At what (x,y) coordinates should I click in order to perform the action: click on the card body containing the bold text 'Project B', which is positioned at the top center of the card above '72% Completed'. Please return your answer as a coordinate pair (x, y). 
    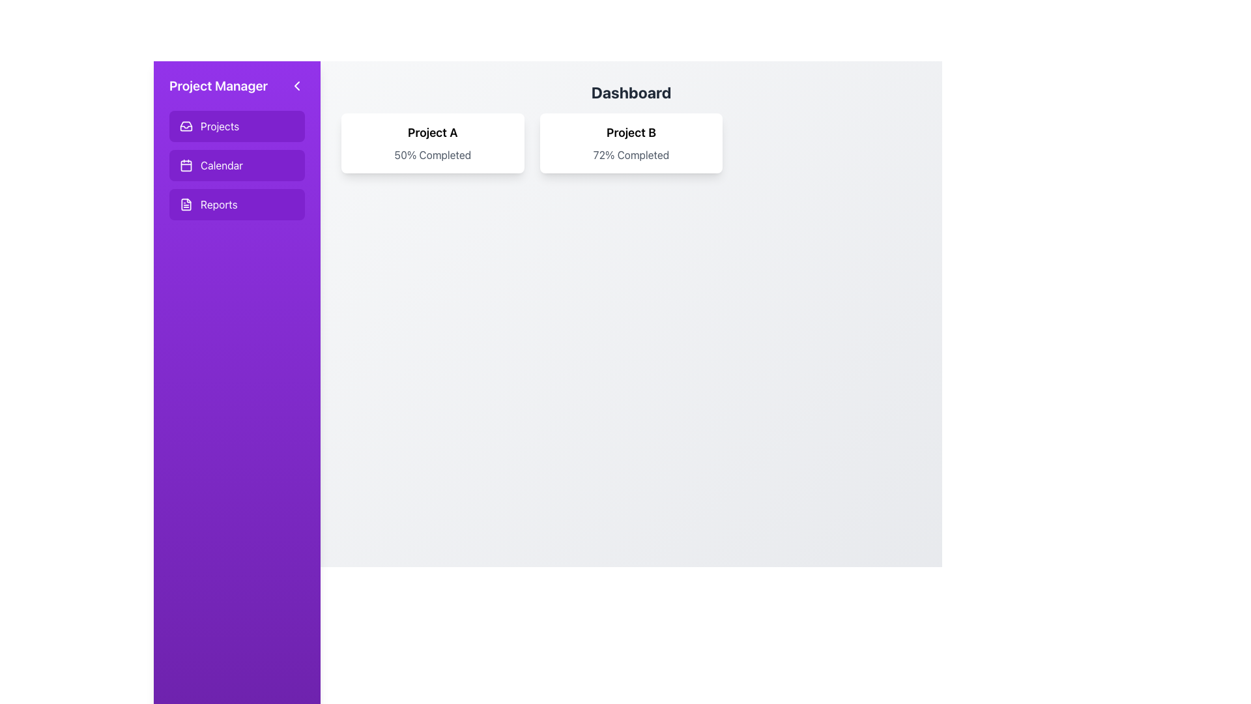
    Looking at the image, I should click on (631, 133).